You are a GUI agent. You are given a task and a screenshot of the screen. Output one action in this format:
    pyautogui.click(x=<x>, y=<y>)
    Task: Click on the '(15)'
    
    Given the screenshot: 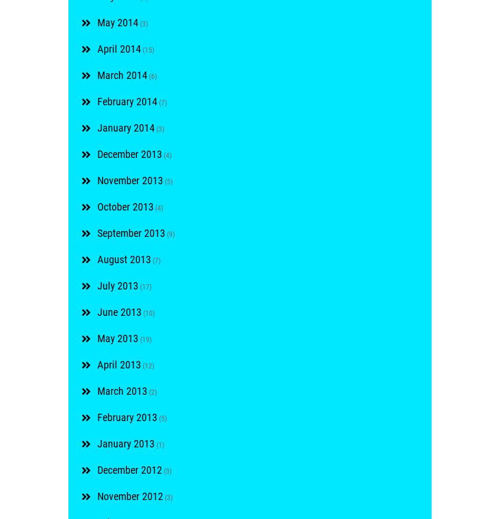 What is the action you would take?
    pyautogui.click(x=147, y=49)
    